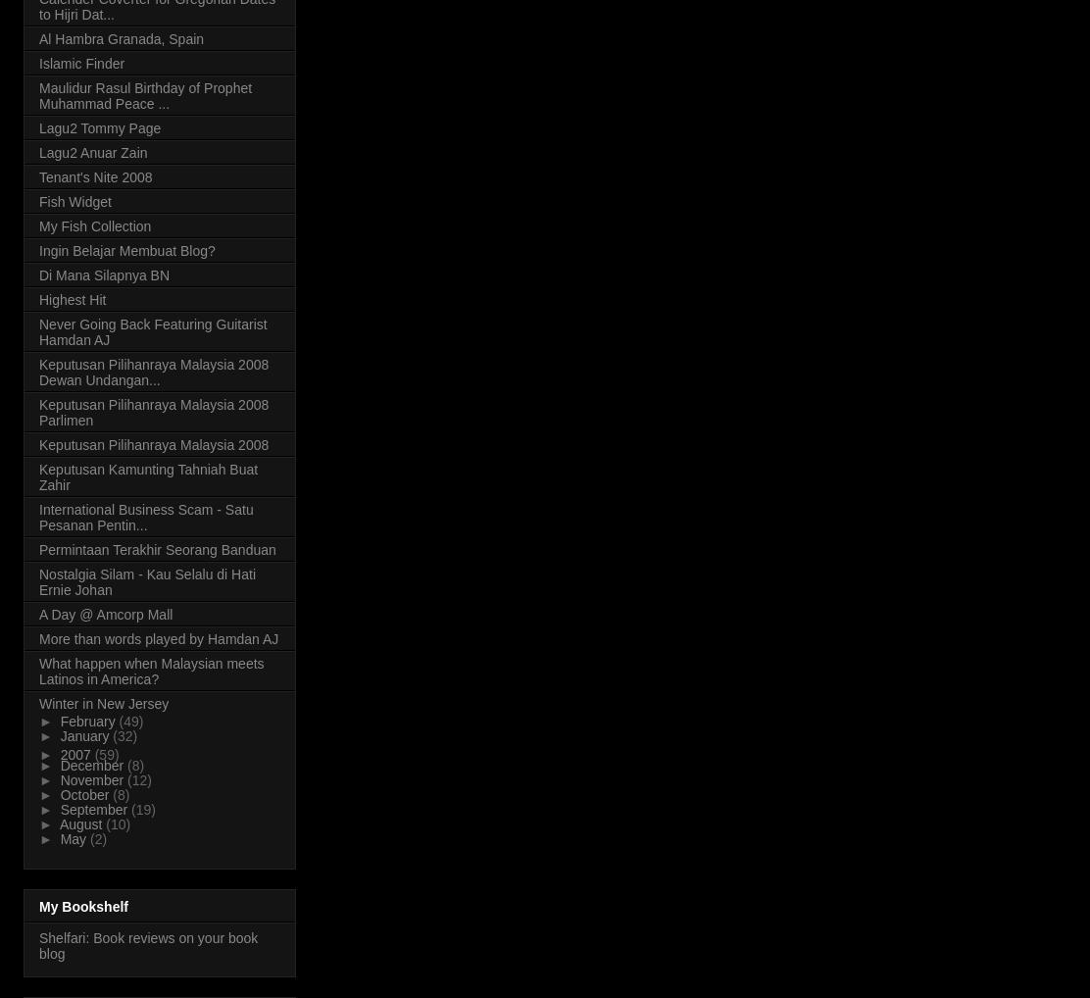 Image resolution: width=1090 pixels, height=998 pixels. Describe the element at coordinates (103, 274) in the screenshot. I see `'Di Mana Silapnya BN'` at that location.